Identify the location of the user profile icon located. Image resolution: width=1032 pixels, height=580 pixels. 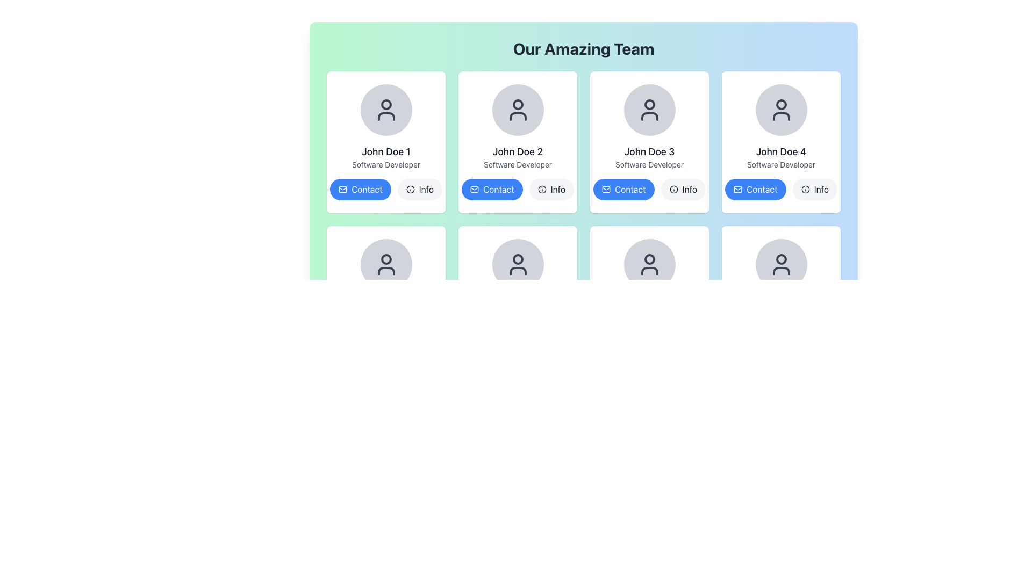
(649, 110).